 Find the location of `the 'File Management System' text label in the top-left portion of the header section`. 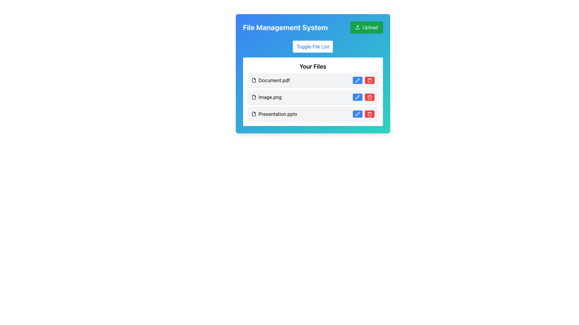

the 'File Management System' text label in the top-left portion of the header section is located at coordinates (285, 27).